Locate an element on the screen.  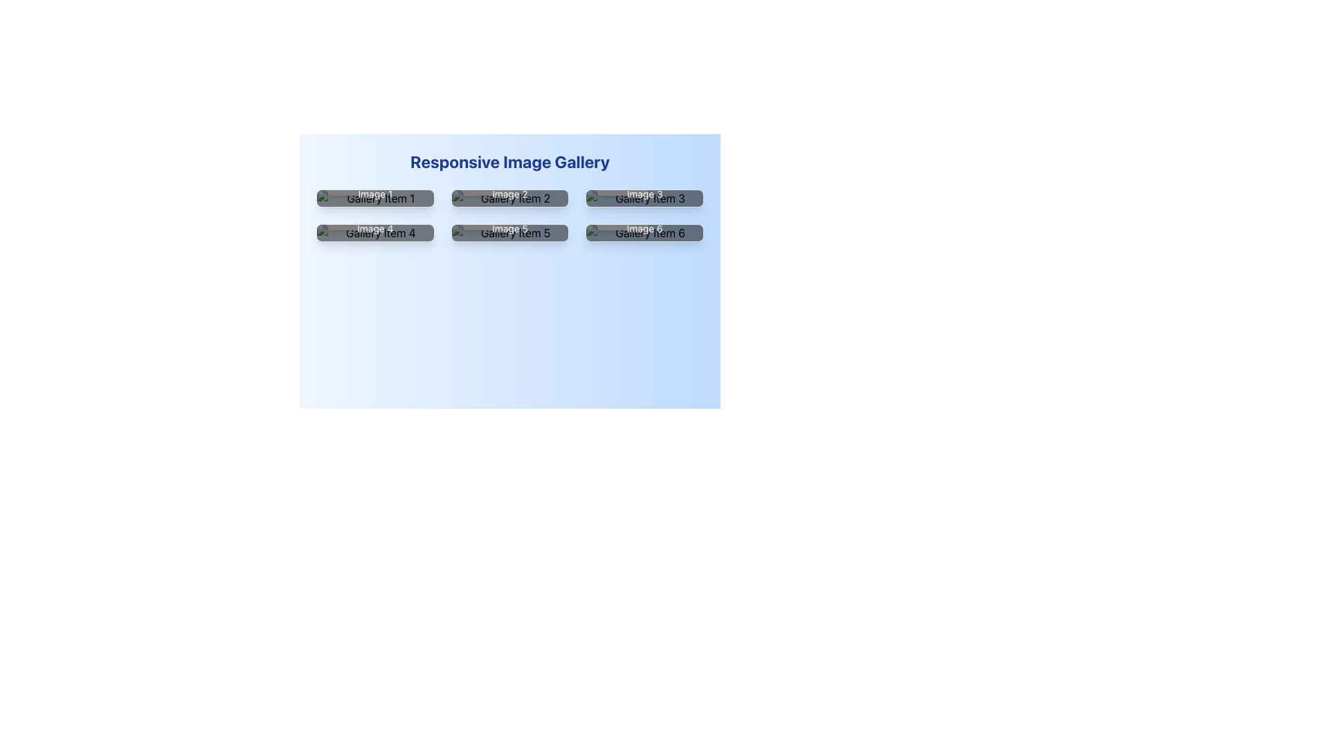
the image in the sixth item of the gallery, which is located in the second row and third column, below the caption 'Image 6' and above the description 'Description for Image 6' is located at coordinates (644, 232).